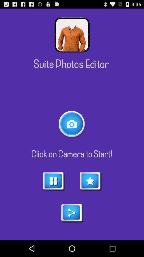 Image resolution: width=144 pixels, height=257 pixels. Describe the element at coordinates (72, 133) in the screenshot. I see `the photo icon` at that location.